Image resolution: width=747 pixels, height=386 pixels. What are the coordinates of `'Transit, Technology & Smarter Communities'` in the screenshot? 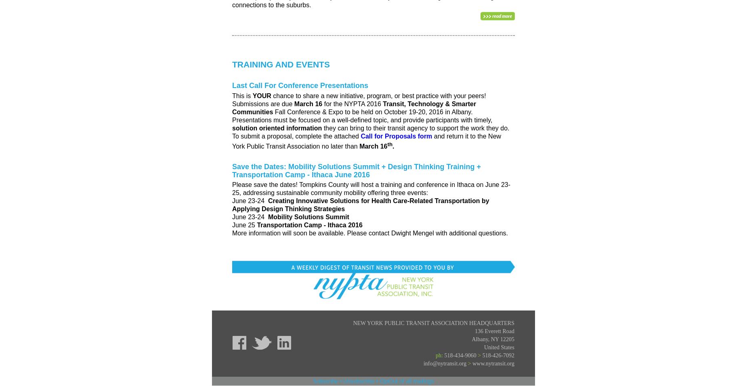 It's located at (354, 107).